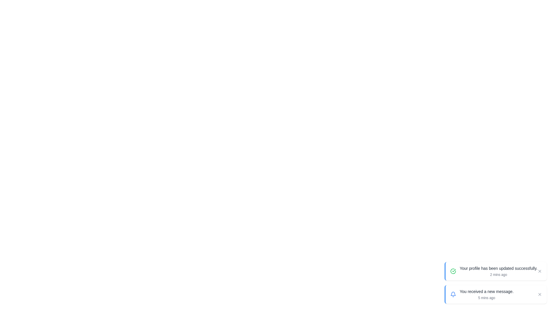 Image resolution: width=556 pixels, height=313 pixels. Describe the element at coordinates (498, 268) in the screenshot. I see `the notification text to read its content` at that location.